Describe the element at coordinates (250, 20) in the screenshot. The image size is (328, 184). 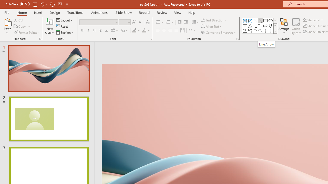
I see `'Vertical Text Box'` at that location.